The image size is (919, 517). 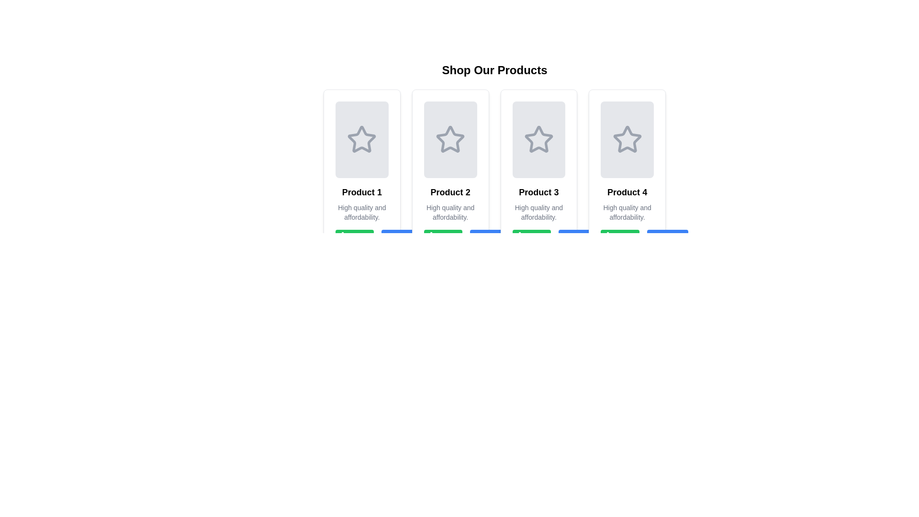 I want to click on the green 'Add' button containing the icon, so click(x=346, y=237).